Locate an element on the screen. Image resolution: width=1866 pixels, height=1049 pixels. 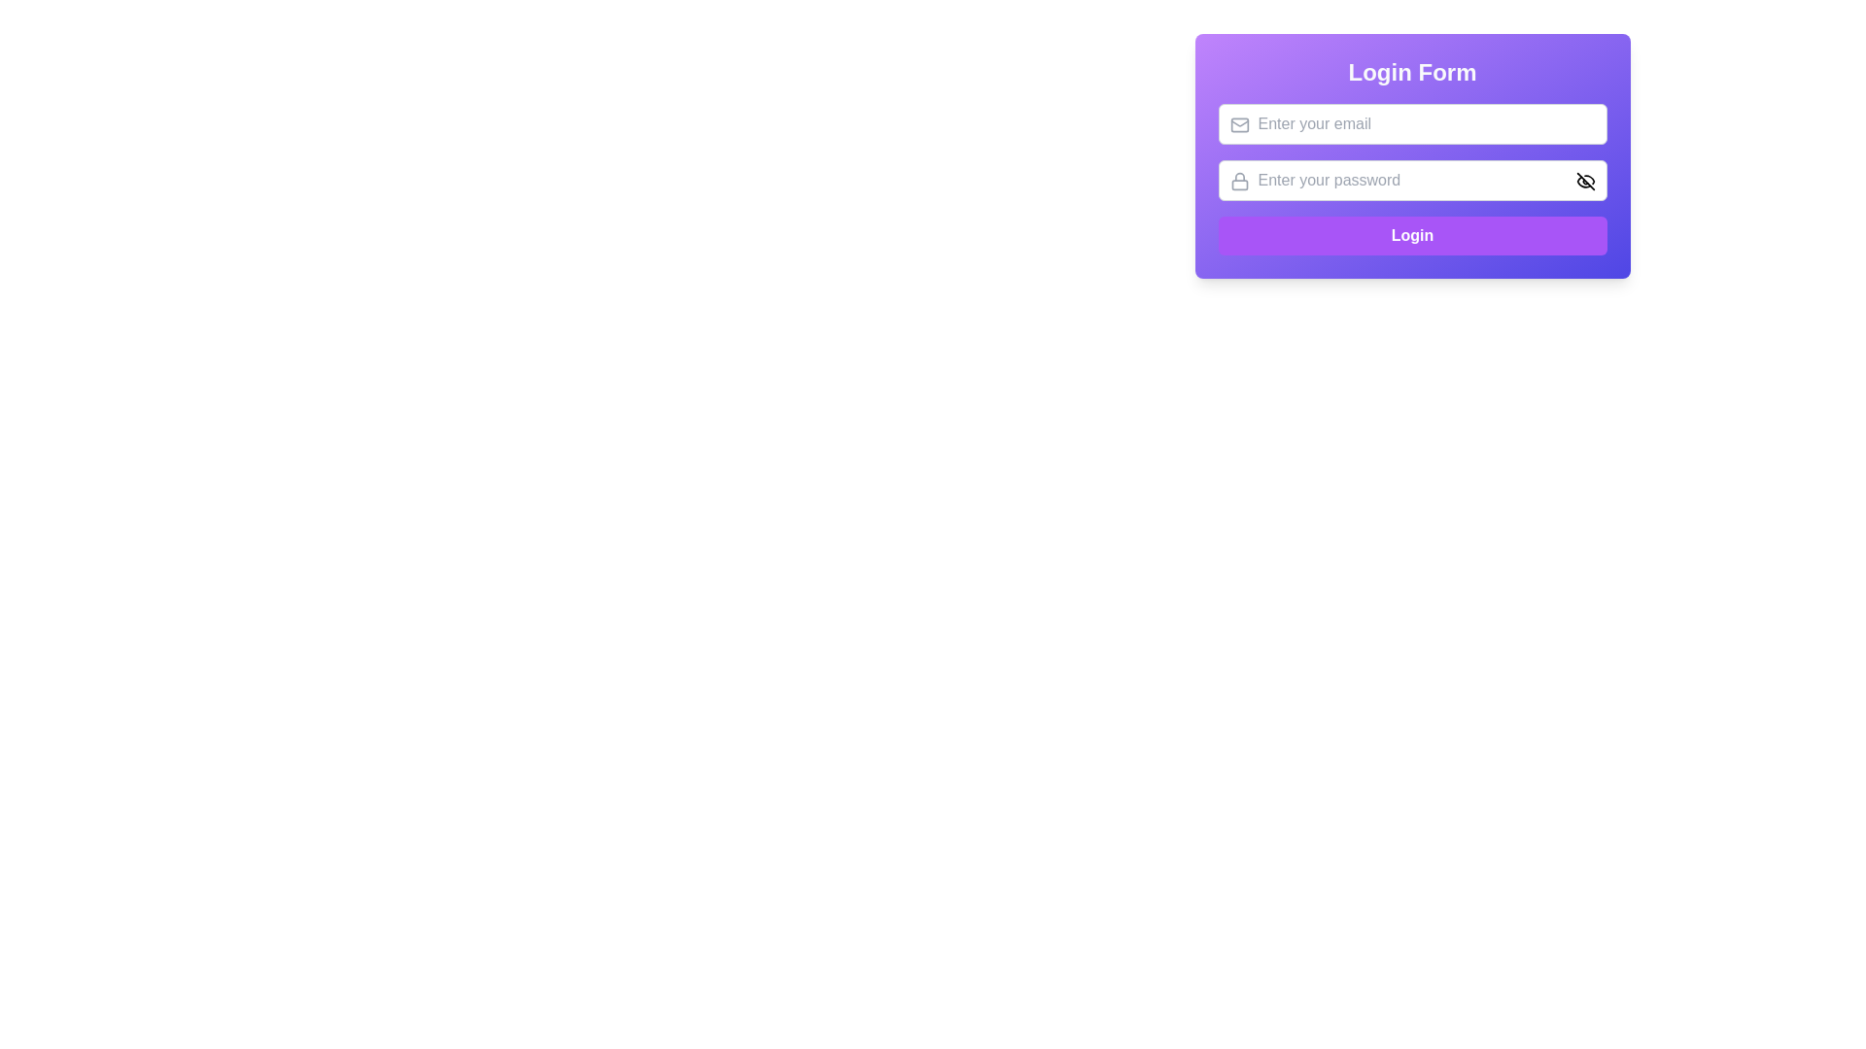
the 'hide/show password' toggle icon located to the right of the password input field in the login form is located at coordinates (1585, 181).